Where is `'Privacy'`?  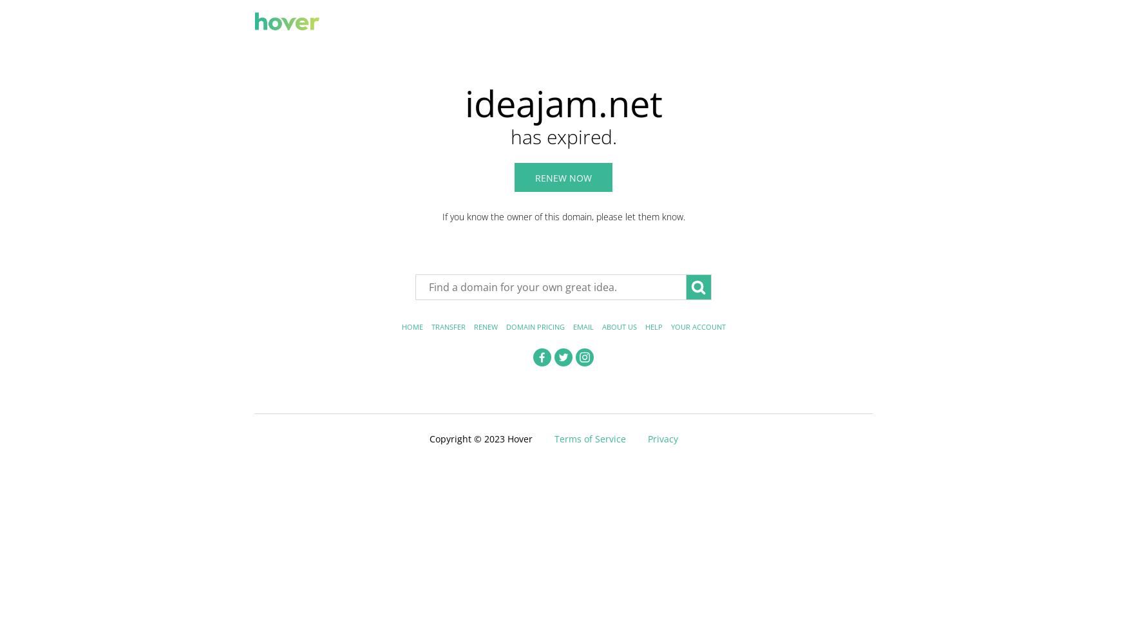
'Privacy' is located at coordinates (662, 439).